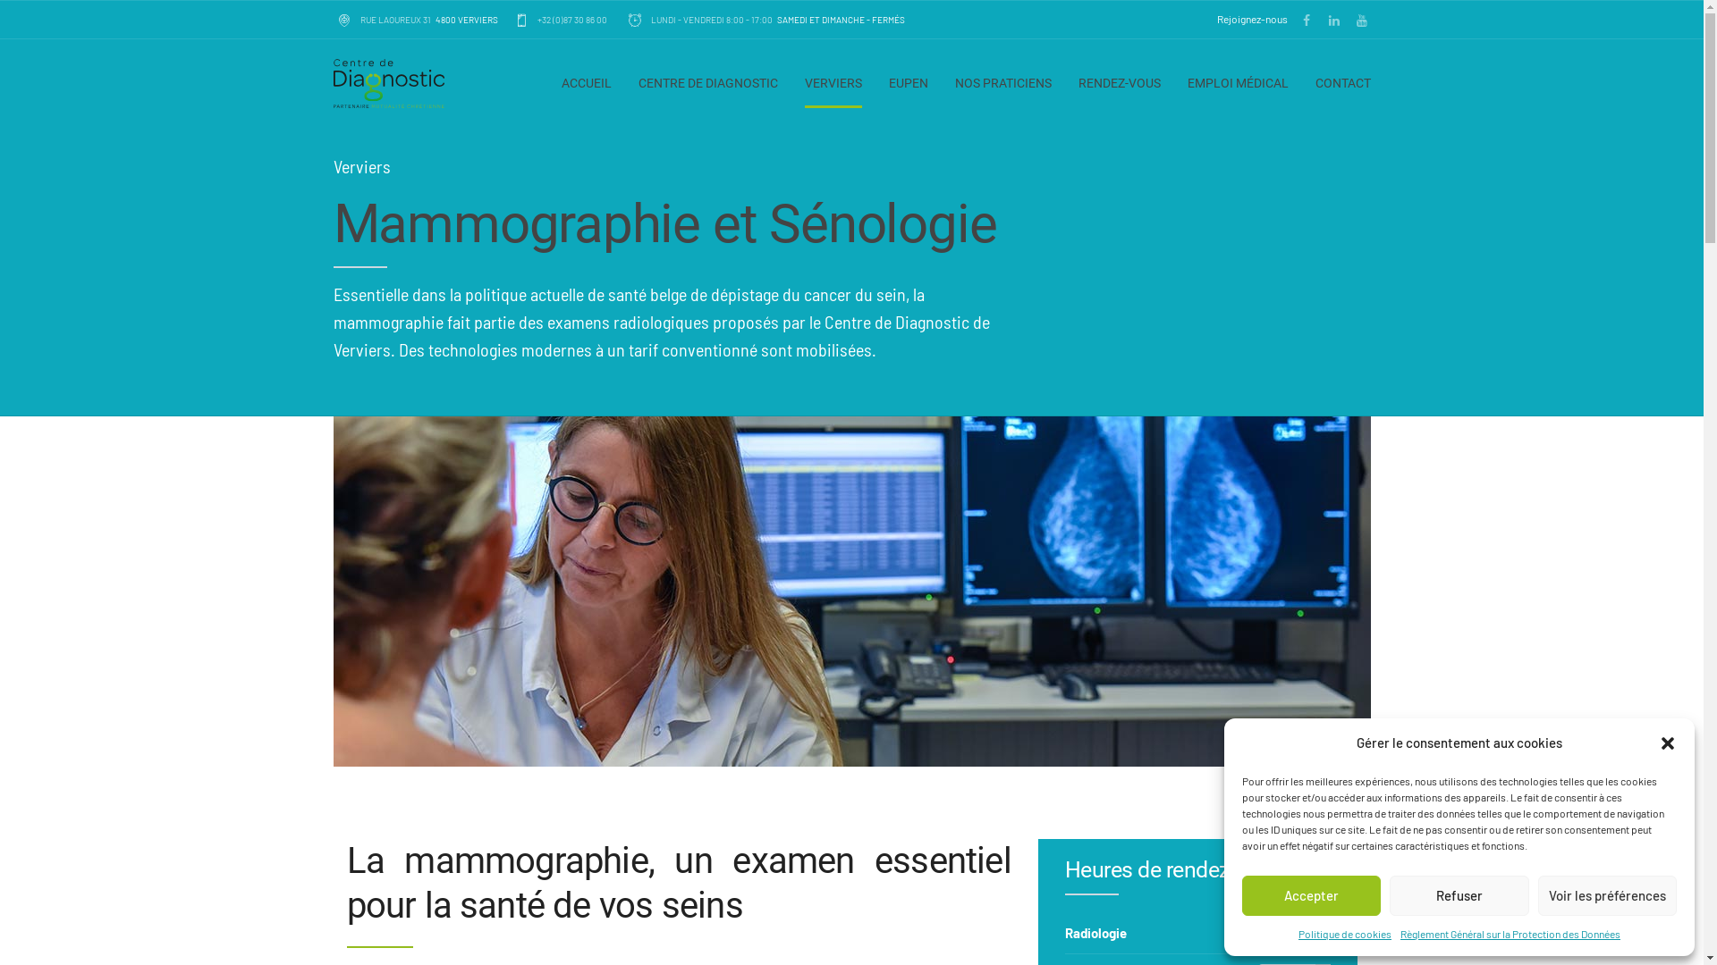 Image resolution: width=1717 pixels, height=965 pixels. What do you see at coordinates (560, 21) in the screenshot?
I see `'+32 (0)87 30 86 00'` at bounding box center [560, 21].